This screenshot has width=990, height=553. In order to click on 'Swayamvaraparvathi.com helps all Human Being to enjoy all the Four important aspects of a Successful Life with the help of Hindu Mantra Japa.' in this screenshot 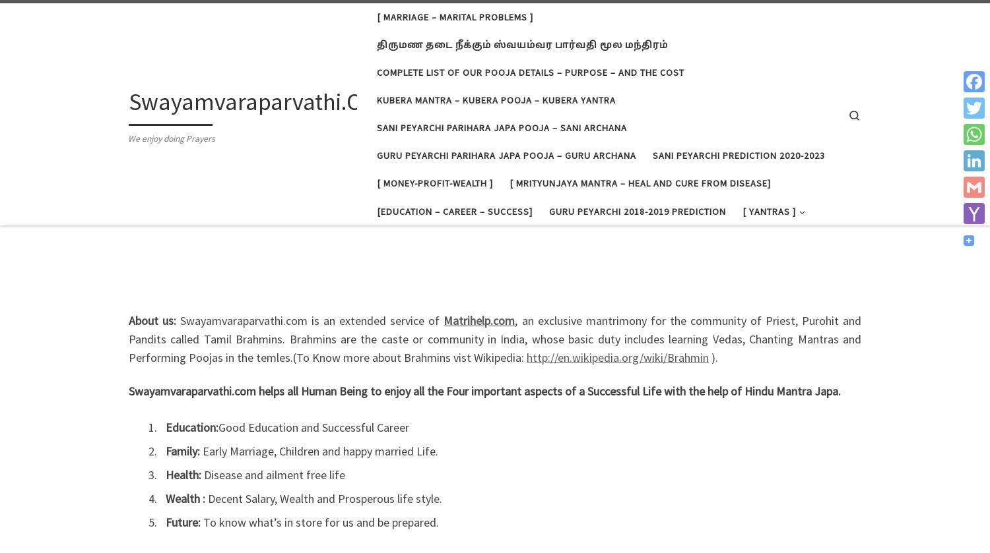, I will do `click(484, 390)`.